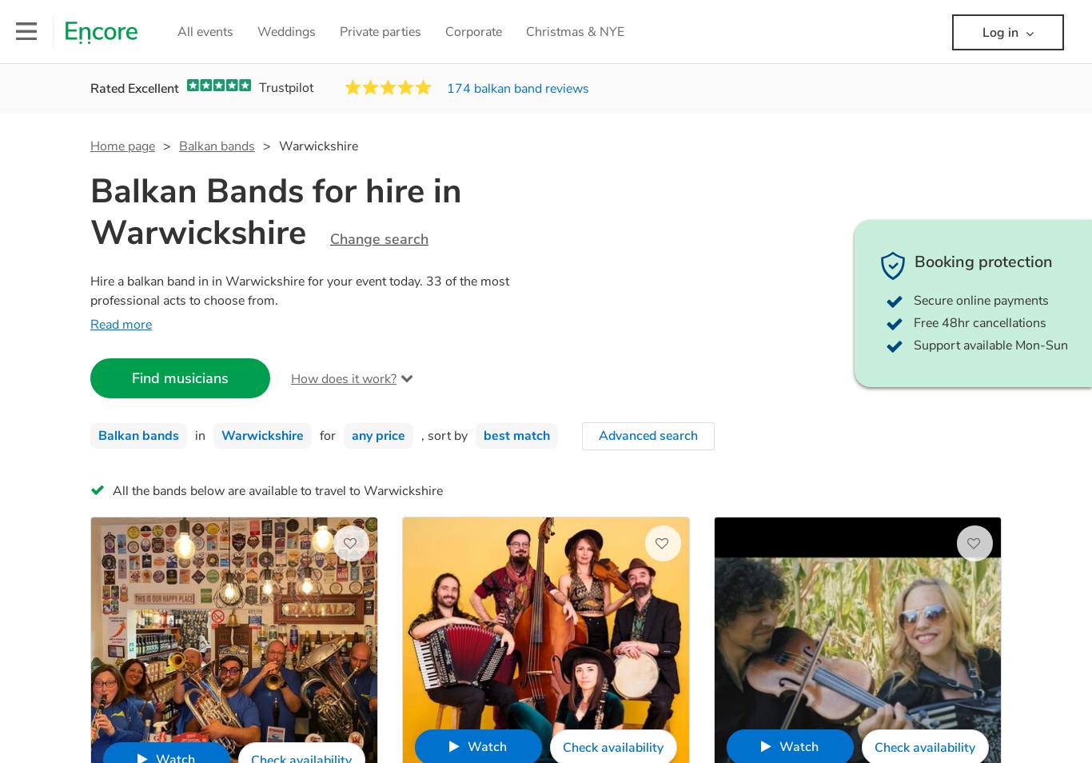 The image size is (1092, 763). I want to click on 'bands', so click(169, 489).